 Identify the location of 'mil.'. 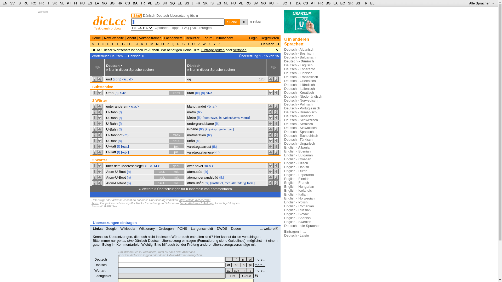
(176, 172).